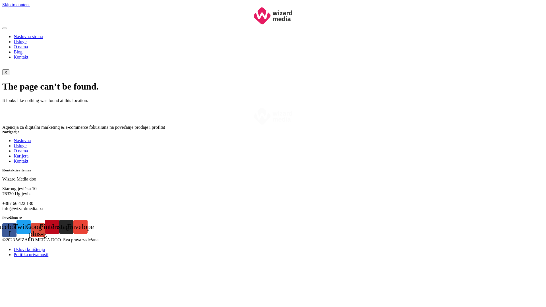  What do you see at coordinates (52, 227) in the screenshot?
I see `'Pinterest'` at bounding box center [52, 227].